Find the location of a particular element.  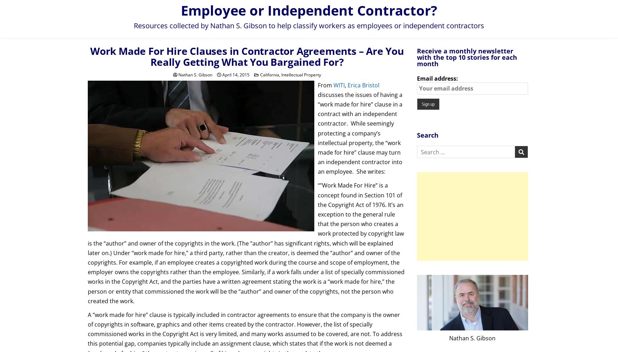

'Intellectual Property' is located at coordinates (301, 74).